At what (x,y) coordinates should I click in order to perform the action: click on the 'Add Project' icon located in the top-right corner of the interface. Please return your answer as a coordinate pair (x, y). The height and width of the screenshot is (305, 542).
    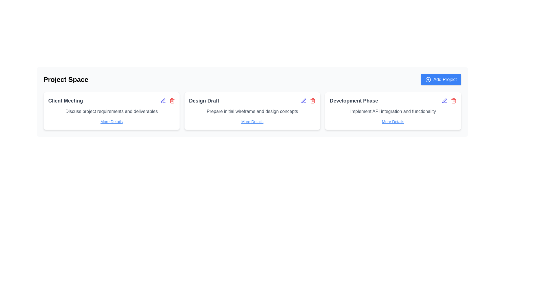
    Looking at the image, I should click on (428, 79).